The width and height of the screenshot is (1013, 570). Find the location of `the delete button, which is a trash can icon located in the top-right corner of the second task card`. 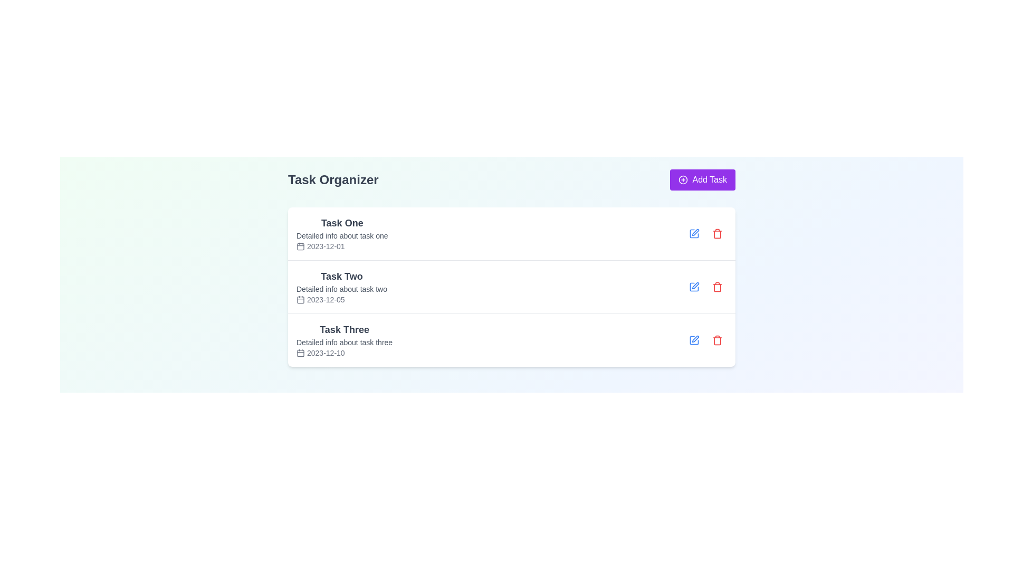

the delete button, which is a trash can icon located in the top-right corner of the second task card is located at coordinates (717, 287).